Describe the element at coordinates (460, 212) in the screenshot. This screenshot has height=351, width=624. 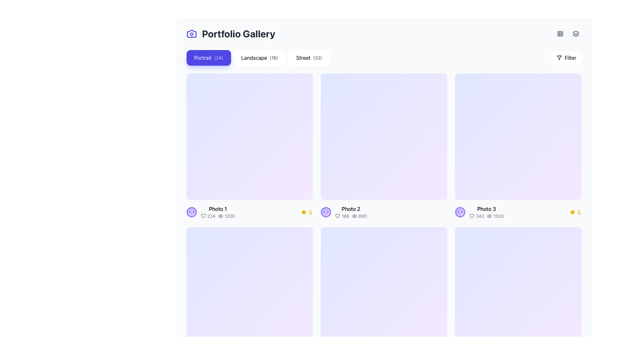
I see `the user icon that represents the owner associated with 'Photo 3', which is positioned as the leftmost component in the bottom row of the gallery view` at that location.